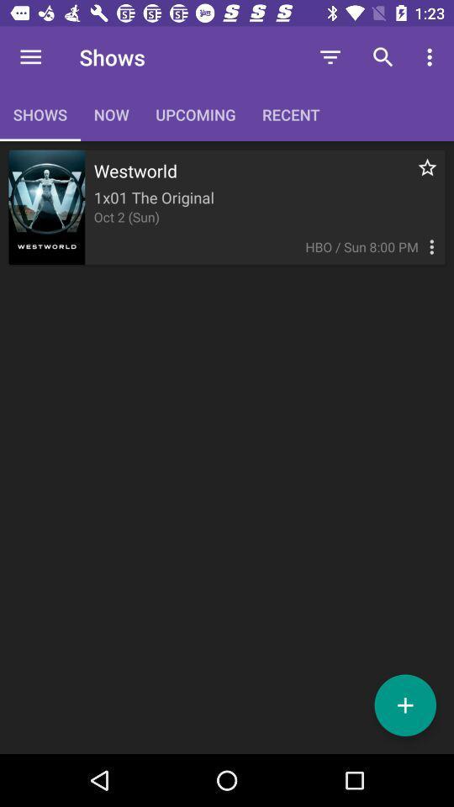 The height and width of the screenshot is (807, 454). Describe the element at coordinates (417, 177) in the screenshot. I see `icon to the right of westworld` at that location.